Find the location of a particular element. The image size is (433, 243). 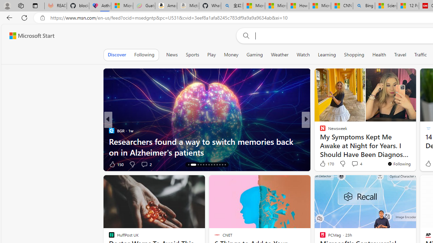

'AutomationID: tab-26' is located at coordinates (225, 165).